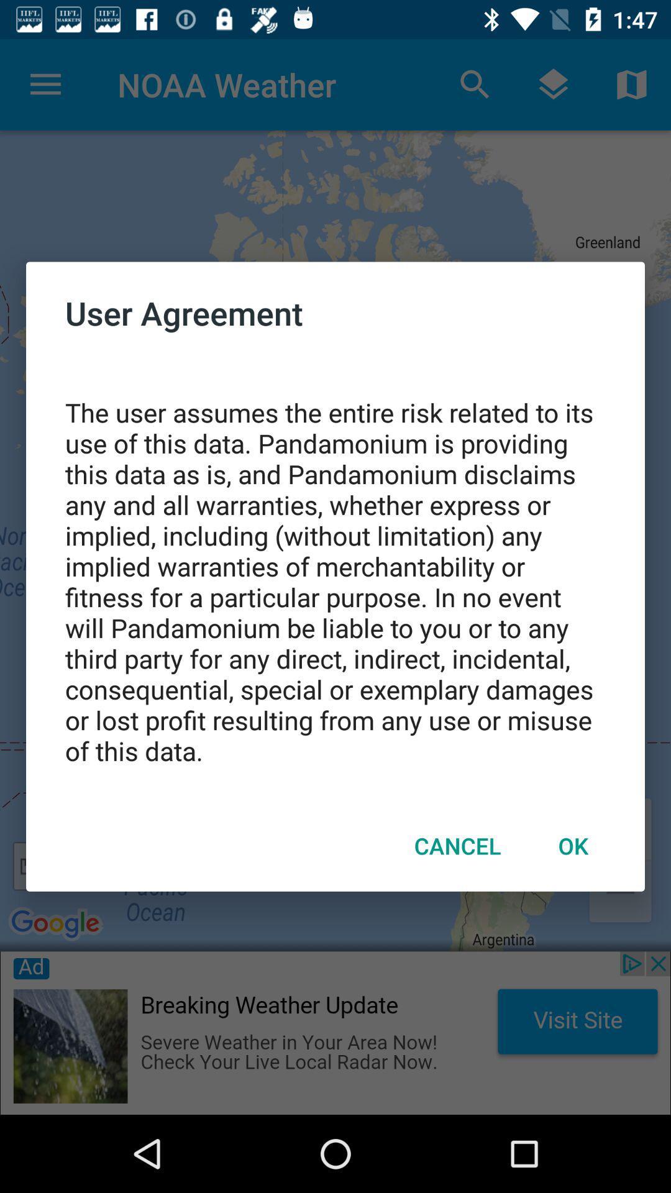  What do you see at coordinates (573, 845) in the screenshot?
I see `the item below the the user assumes` at bounding box center [573, 845].